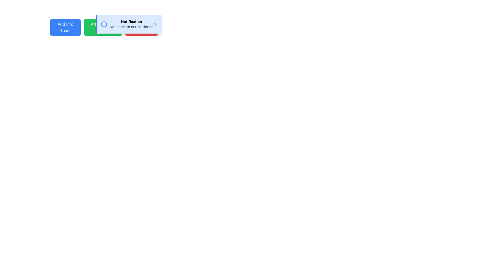 This screenshot has width=497, height=279. Describe the element at coordinates (104, 24) in the screenshot. I see `the informational icon (SVG circle) located at the top-left corner of the toast notification, which is to the left of the title text 'Notification.'` at that location.